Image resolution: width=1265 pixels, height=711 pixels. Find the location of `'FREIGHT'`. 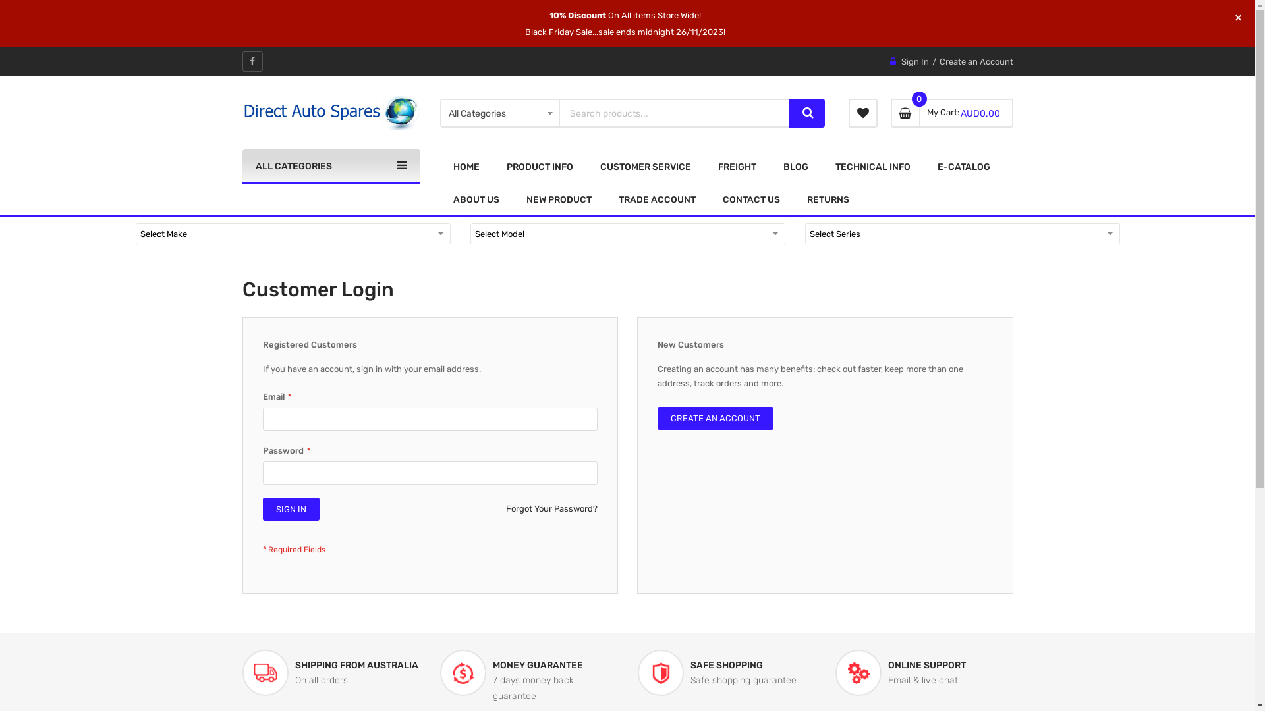

'FREIGHT' is located at coordinates (736, 166).